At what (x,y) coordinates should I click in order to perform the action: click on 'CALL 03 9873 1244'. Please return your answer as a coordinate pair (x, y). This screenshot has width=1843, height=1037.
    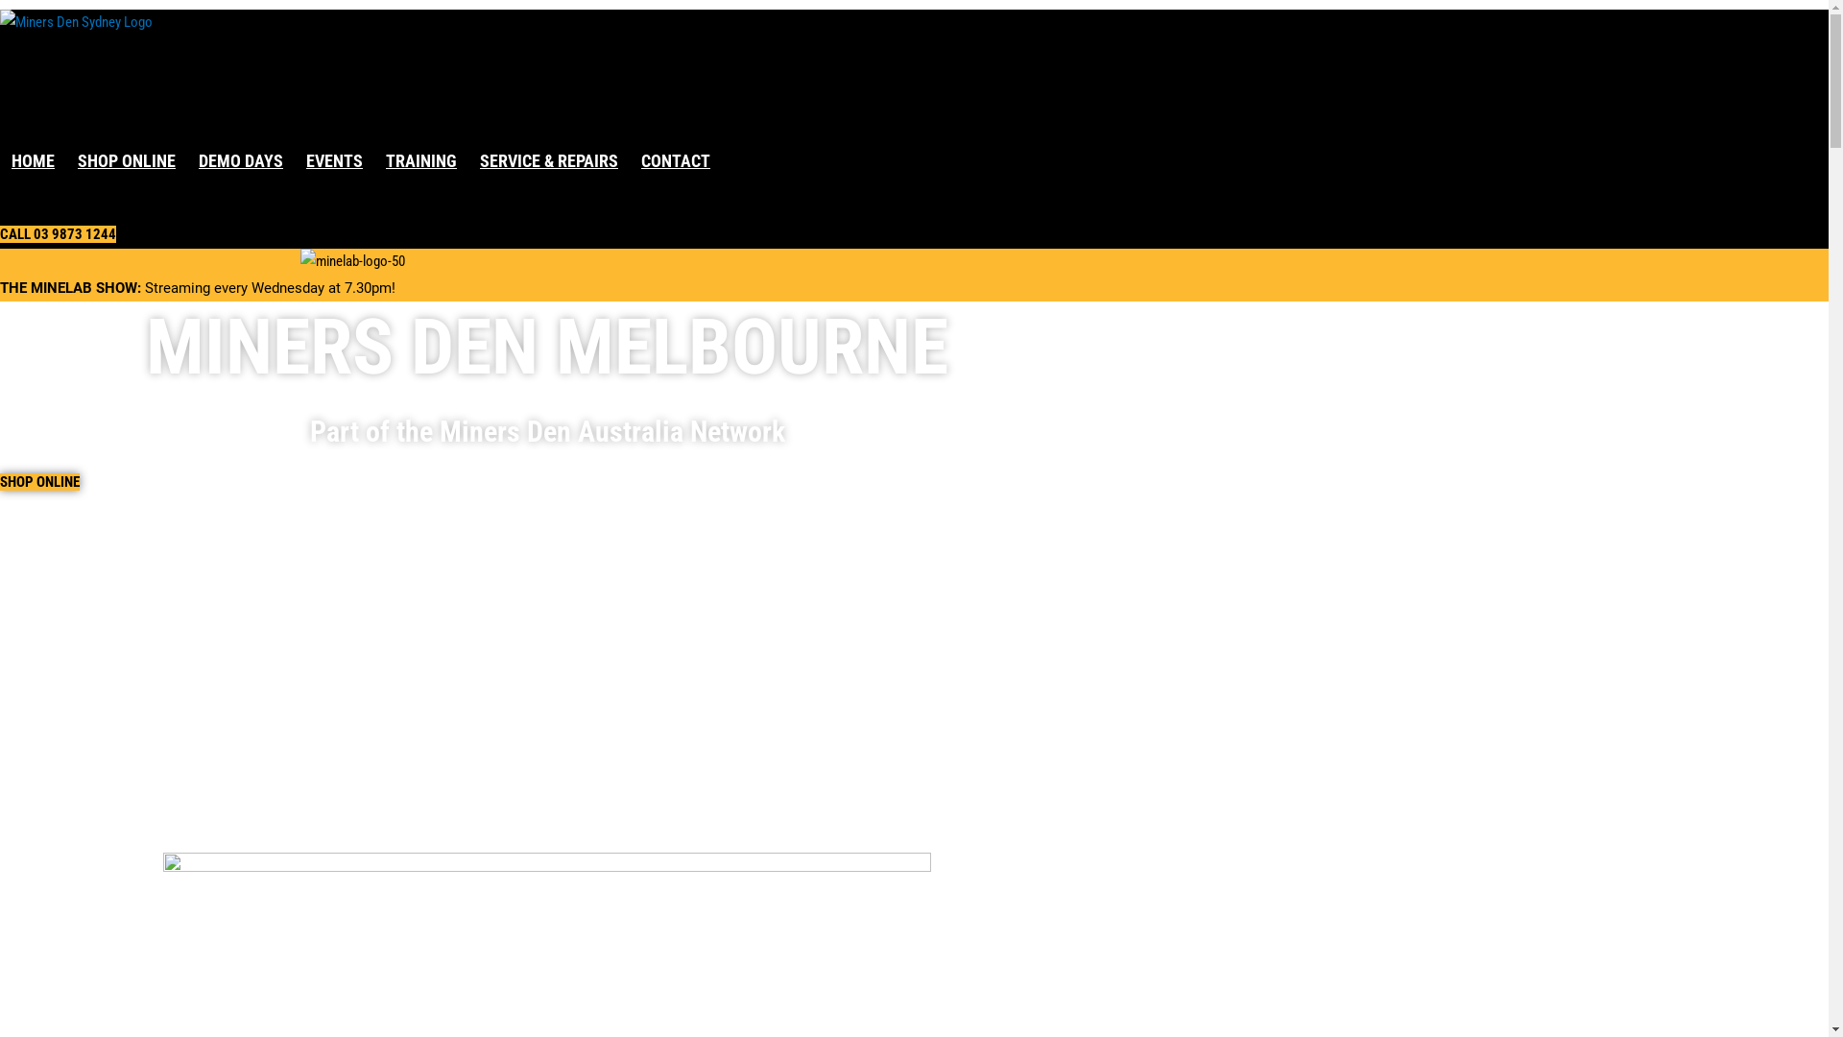
    Looking at the image, I should click on (58, 232).